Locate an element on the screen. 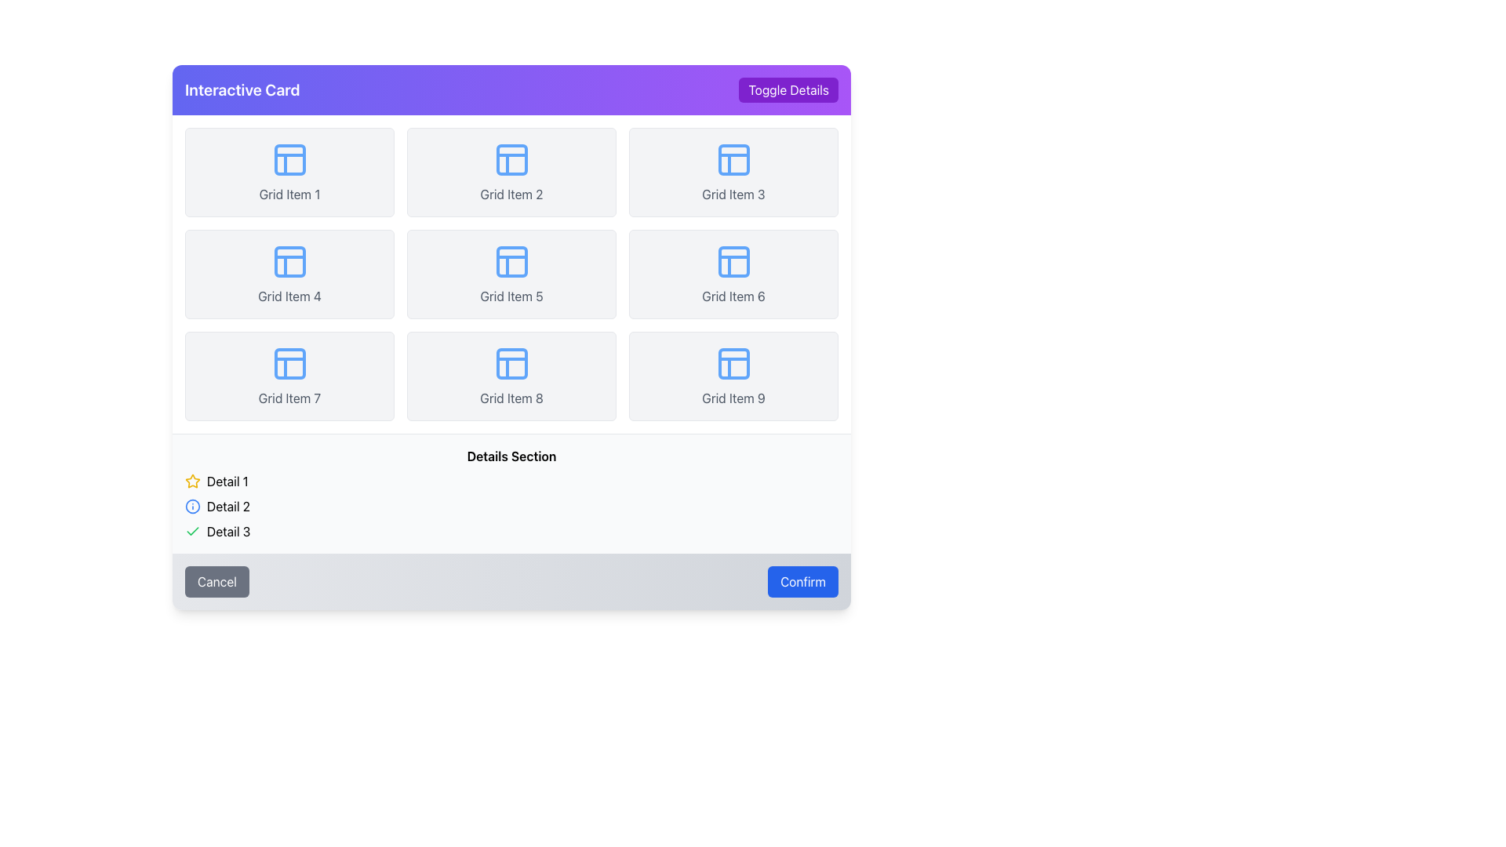  the rectangular card with a light gray background and a blue grid icon at the top, labeled 'Grid Item 1' is located at coordinates (289, 172).